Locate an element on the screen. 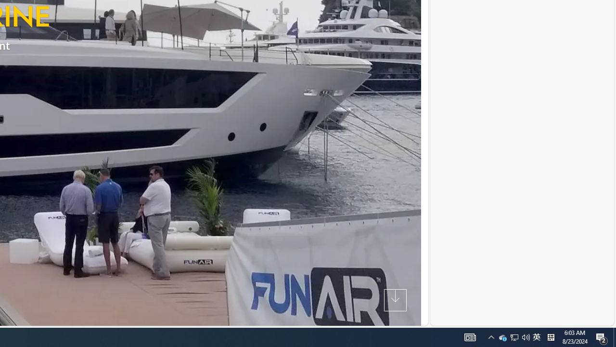  'Next Section' is located at coordinates (395, 299).